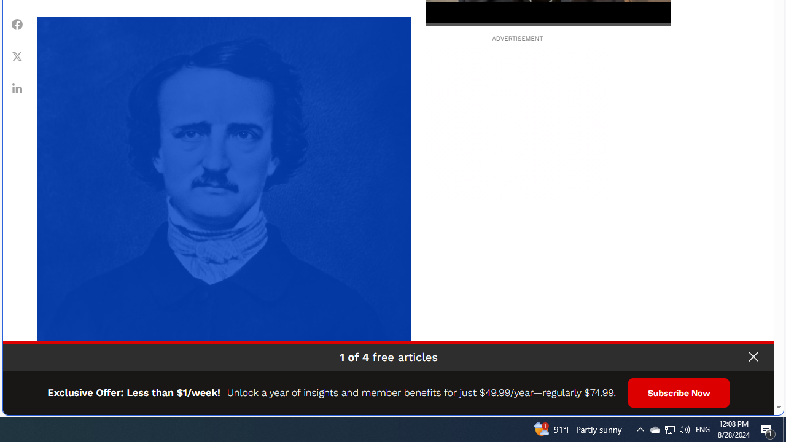 This screenshot has width=786, height=442. I want to click on 'Class: fs-icon fs-icon--linkedin', so click(17, 87).